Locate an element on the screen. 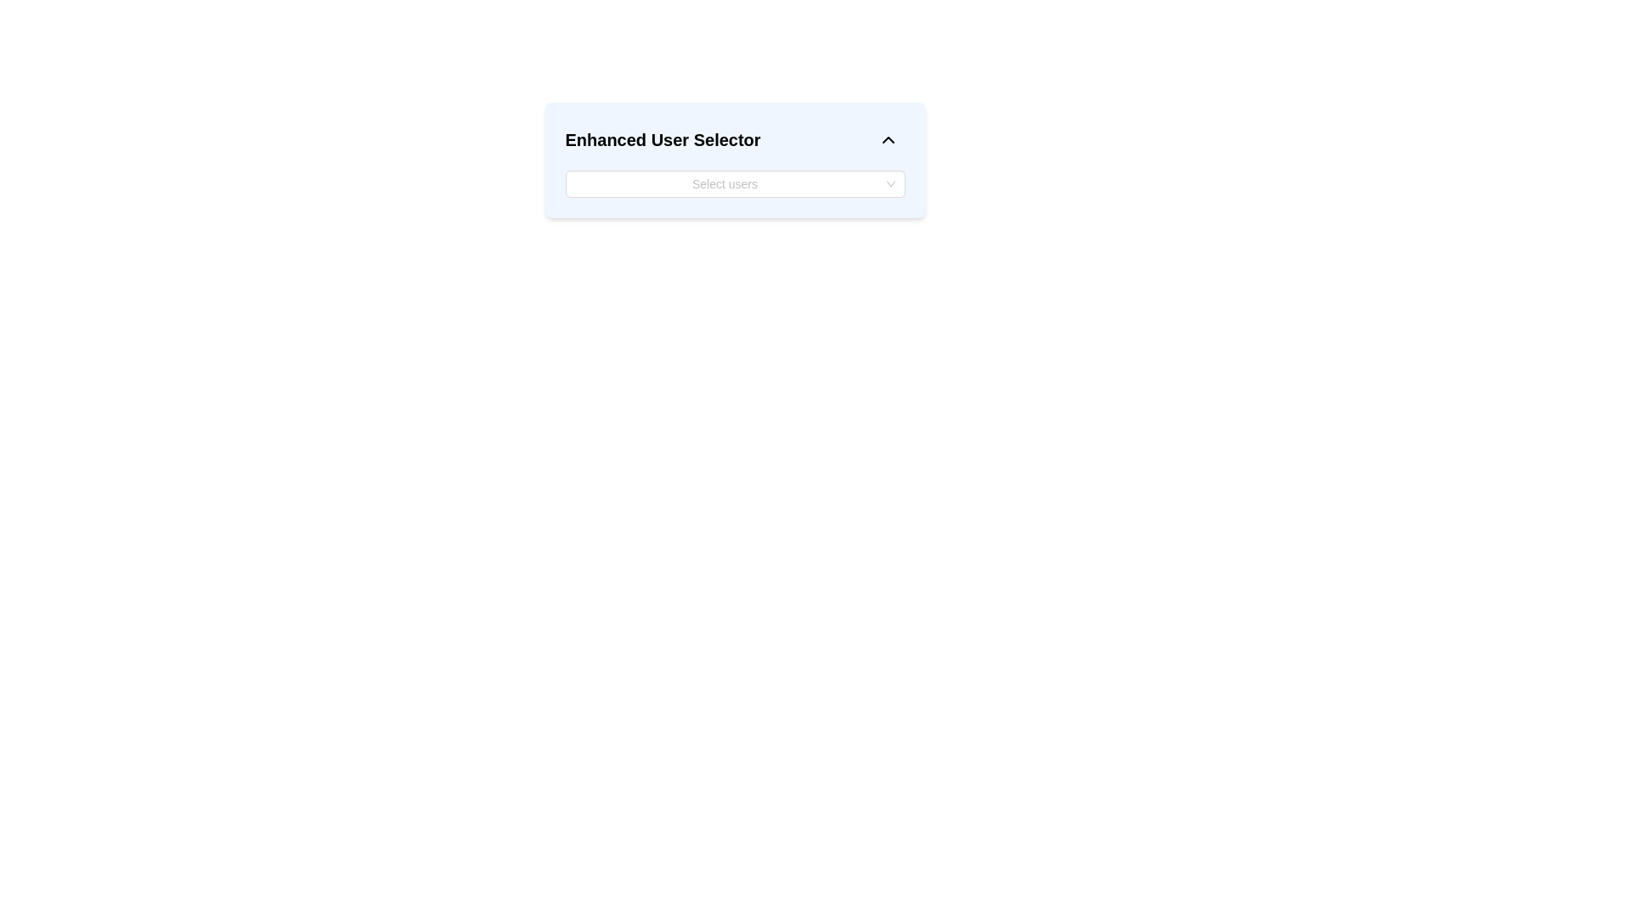  the dropdown input field located in the upper-middle section of the 'Enhanced User Selector' panel is located at coordinates (725, 183).